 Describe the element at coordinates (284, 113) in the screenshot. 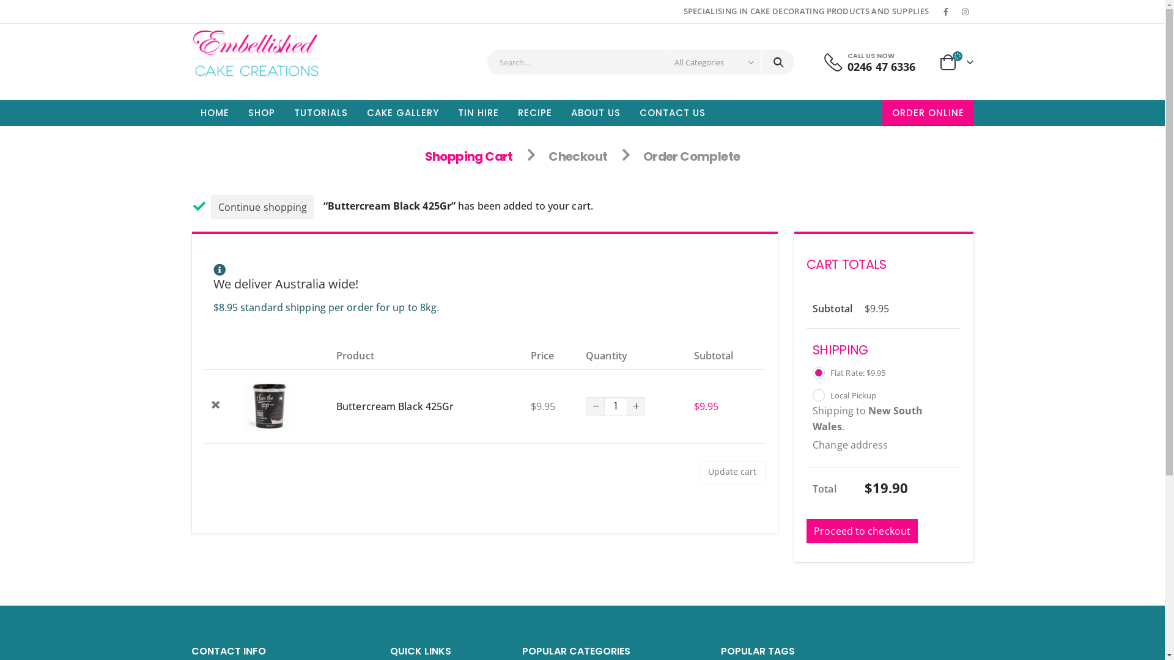

I see `'TUTORIALS'` at that location.